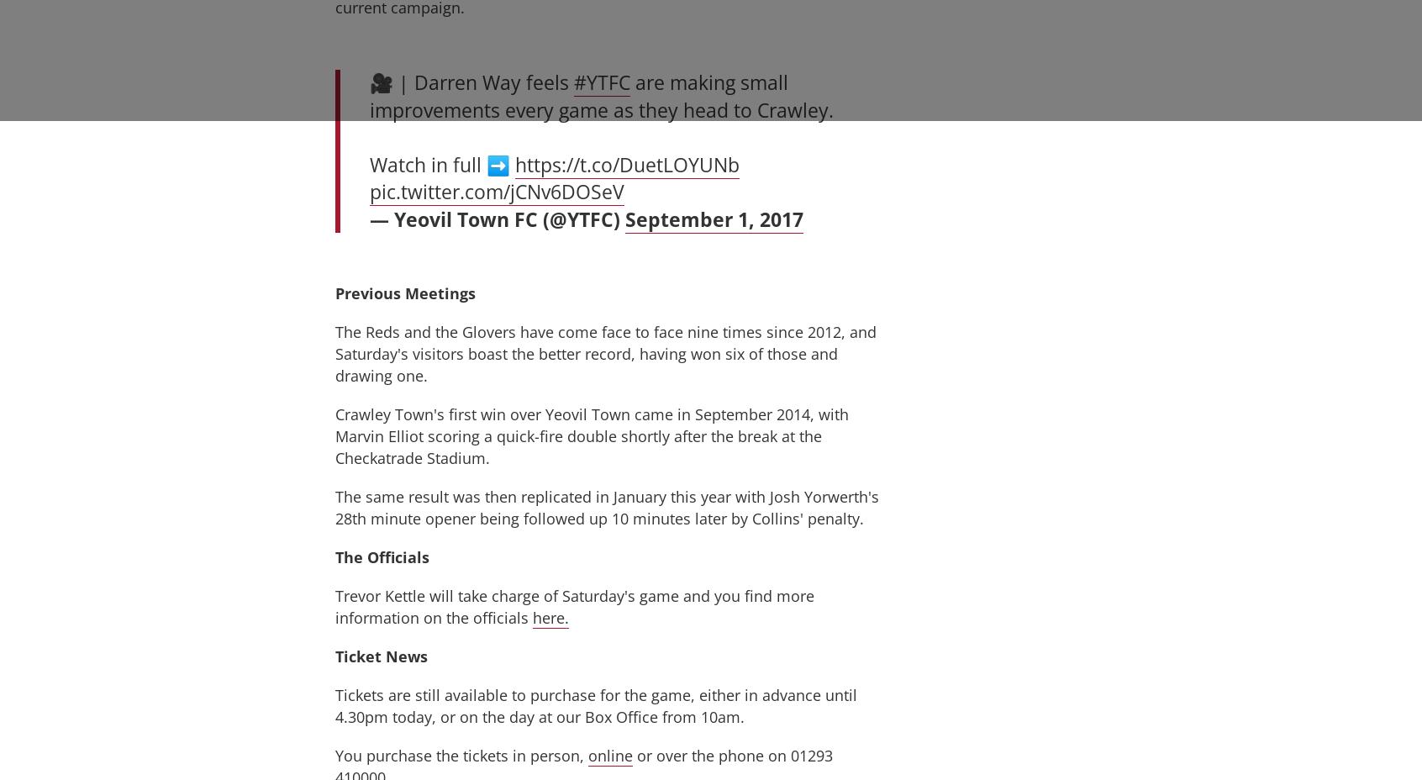 This screenshot has height=780, width=1422. What do you see at coordinates (592, 435) in the screenshot?
I see `'Crawley Town's first win over Yeovil Town came in September 2014, with Marvin Elliot scoring a quick-fire double shortly after the break at the Checkatrade Stadium.'` at bounding box center [592, 435].